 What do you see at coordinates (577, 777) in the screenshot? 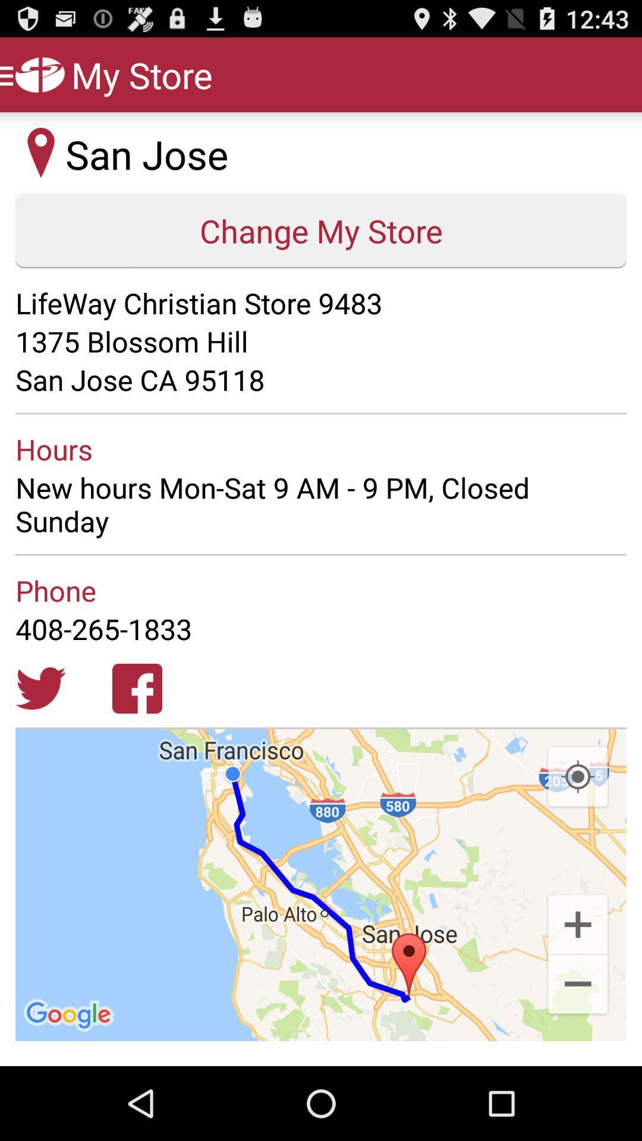
I see `icon below the 408-265-1833 item` at bounding box center [577, 777].